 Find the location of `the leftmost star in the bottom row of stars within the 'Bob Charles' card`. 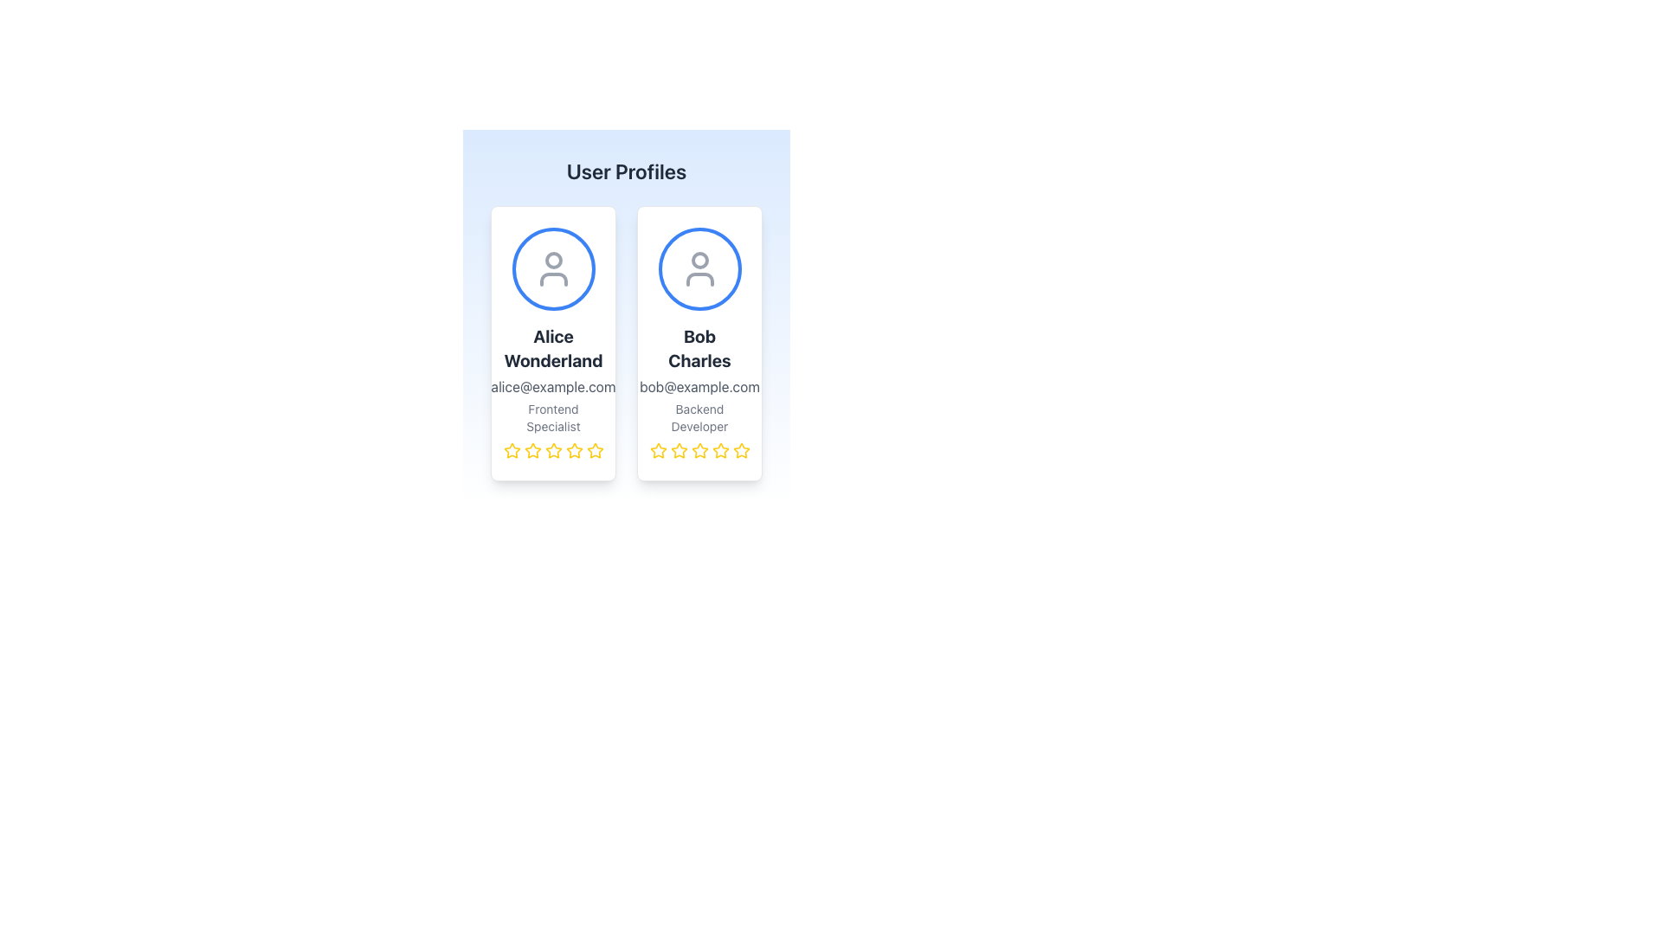

the leftmost star in the bottom row of stars within the 'Bob Charles' card is located at coordinates (657, 449).